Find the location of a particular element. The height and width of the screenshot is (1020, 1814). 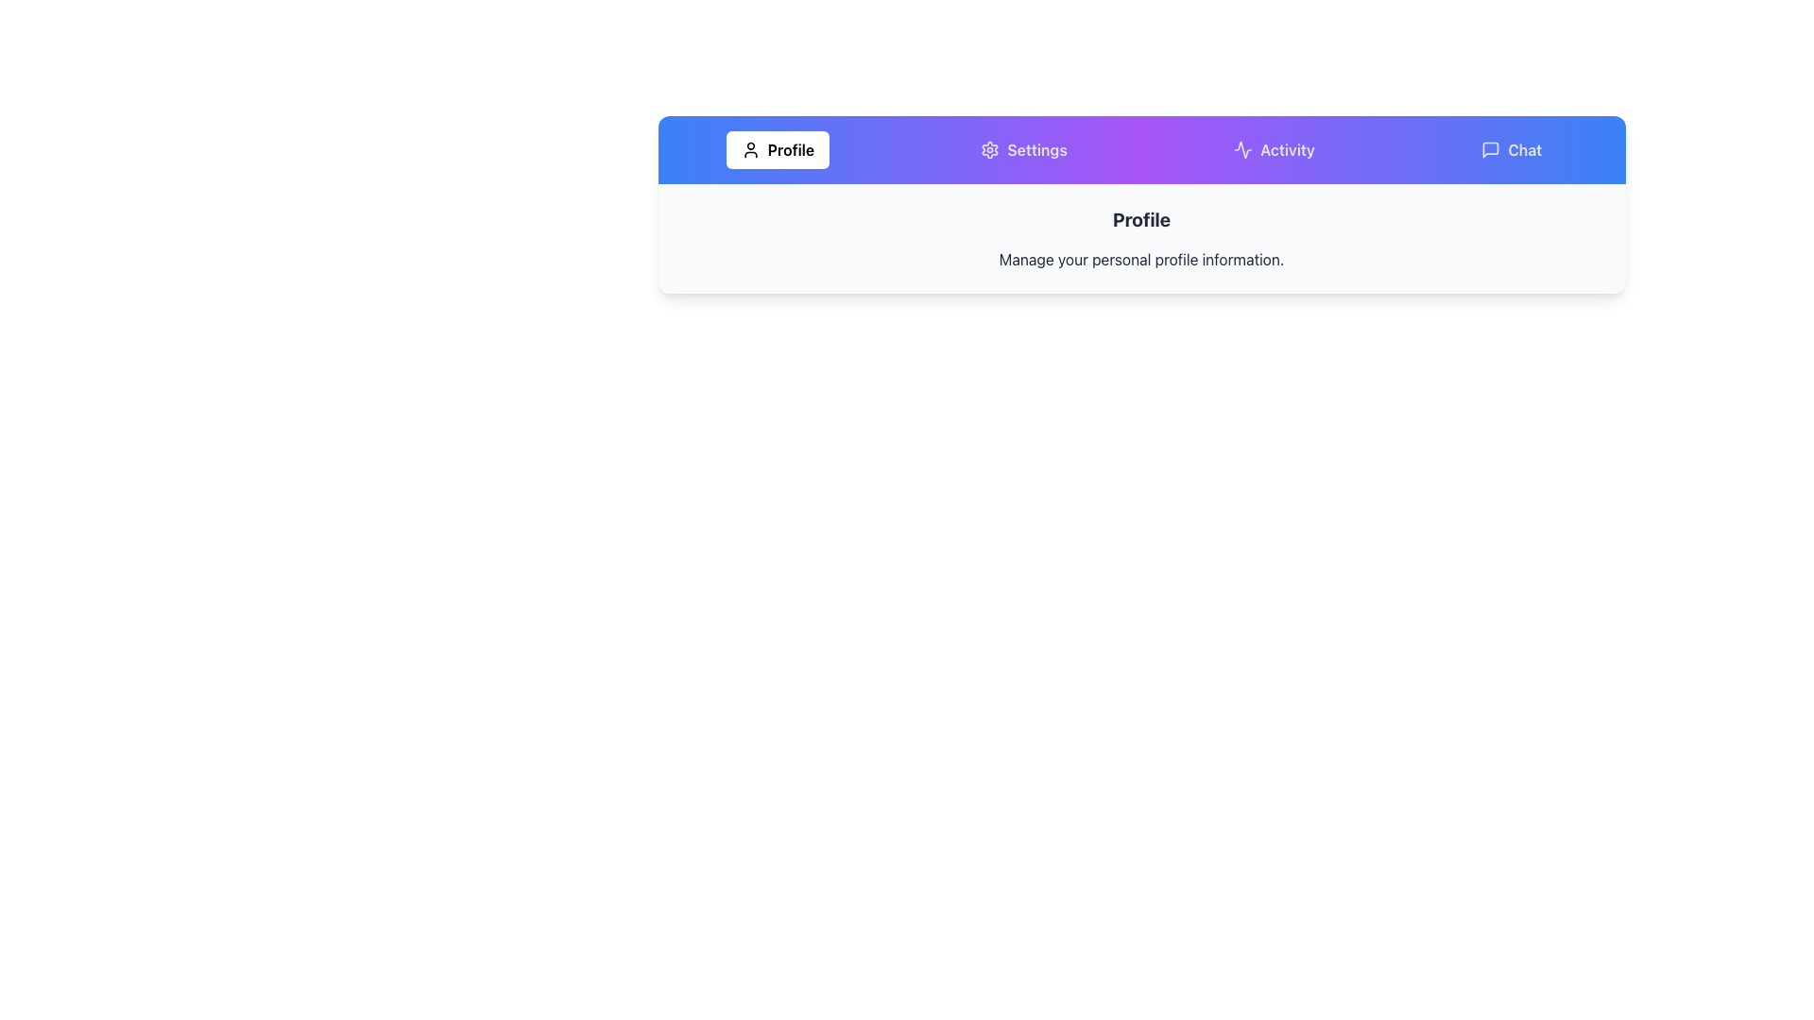

the static text label providing supplementary information below the 'Profile' title is located at coordinates (1140, 259).